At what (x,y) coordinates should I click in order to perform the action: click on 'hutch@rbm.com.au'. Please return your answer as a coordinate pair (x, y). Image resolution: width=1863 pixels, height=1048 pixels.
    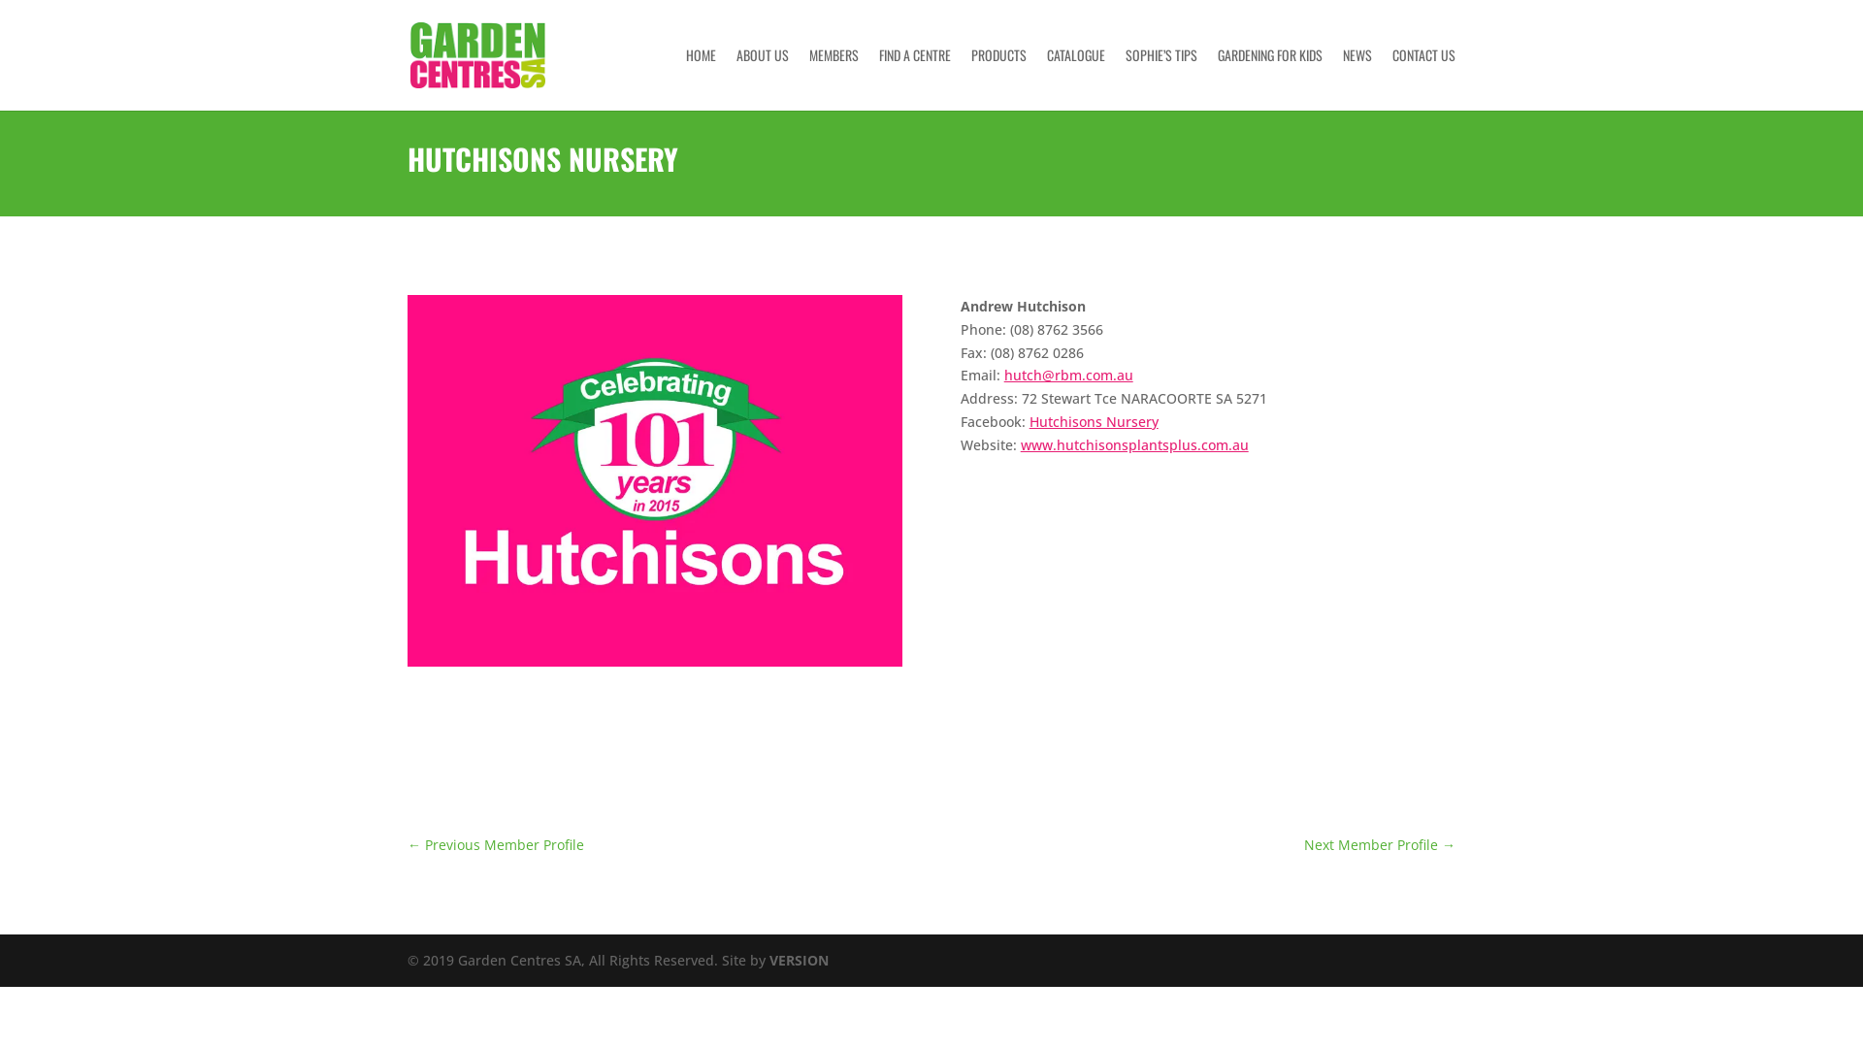
    Looking at the image, I should click on (1004, 375).